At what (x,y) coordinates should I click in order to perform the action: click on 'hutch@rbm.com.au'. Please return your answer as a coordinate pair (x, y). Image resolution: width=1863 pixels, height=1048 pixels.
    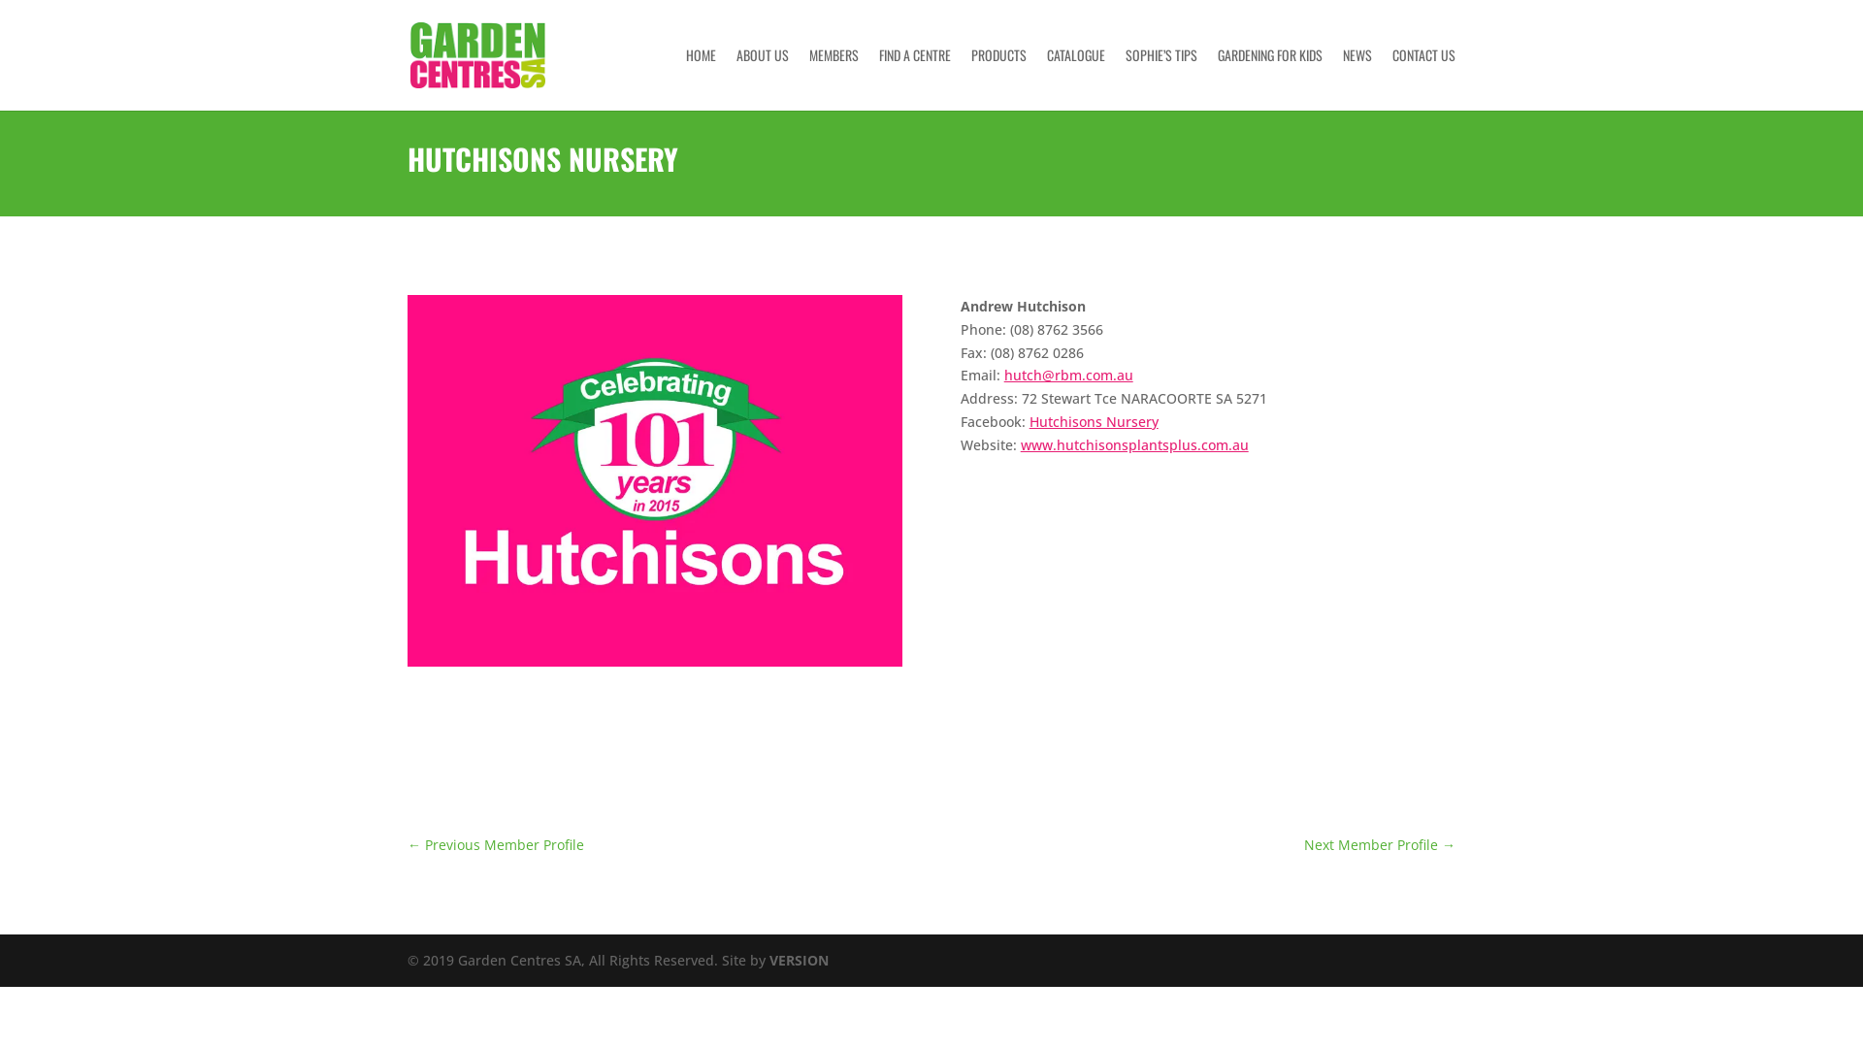
    Looking at the image, I should click on (1004, 375).